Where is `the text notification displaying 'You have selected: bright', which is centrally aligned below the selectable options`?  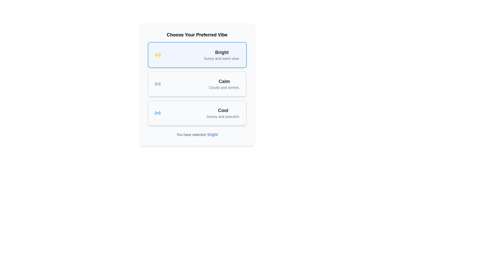 the text notification displaying 'You have selected: bright', which is centrally aligned below the selectable options is located at coordinates (197, 134).